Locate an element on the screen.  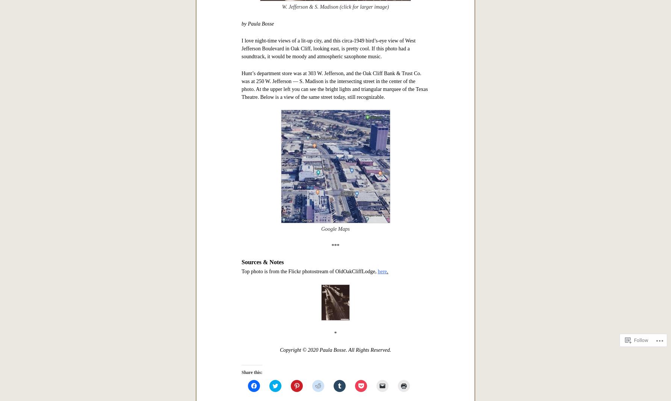
'Sources & Notes' is located at coordinates (263, 262).